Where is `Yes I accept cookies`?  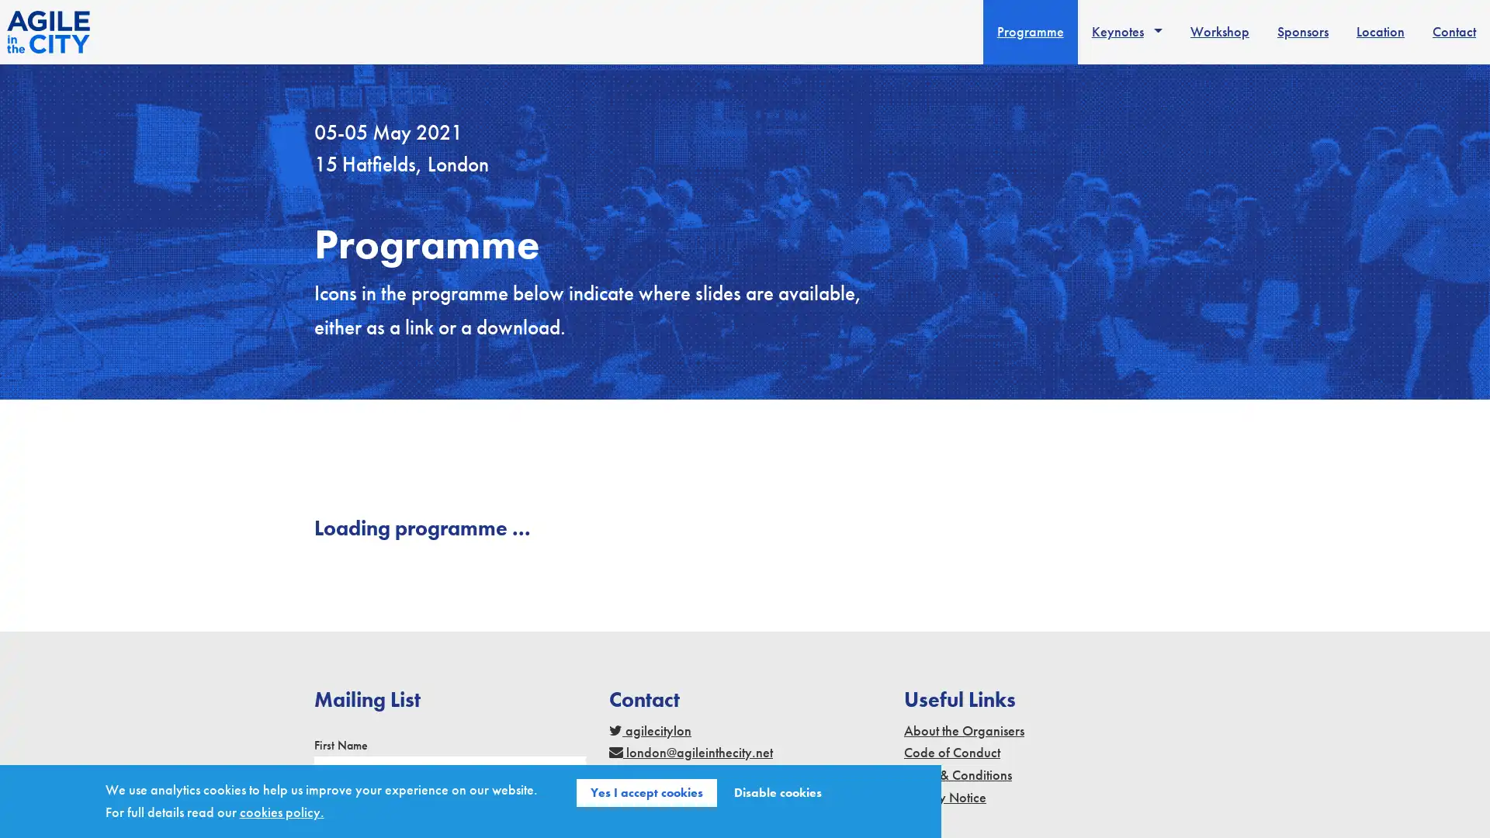
Yes I accept cookies is located at coordinates (646, 793).